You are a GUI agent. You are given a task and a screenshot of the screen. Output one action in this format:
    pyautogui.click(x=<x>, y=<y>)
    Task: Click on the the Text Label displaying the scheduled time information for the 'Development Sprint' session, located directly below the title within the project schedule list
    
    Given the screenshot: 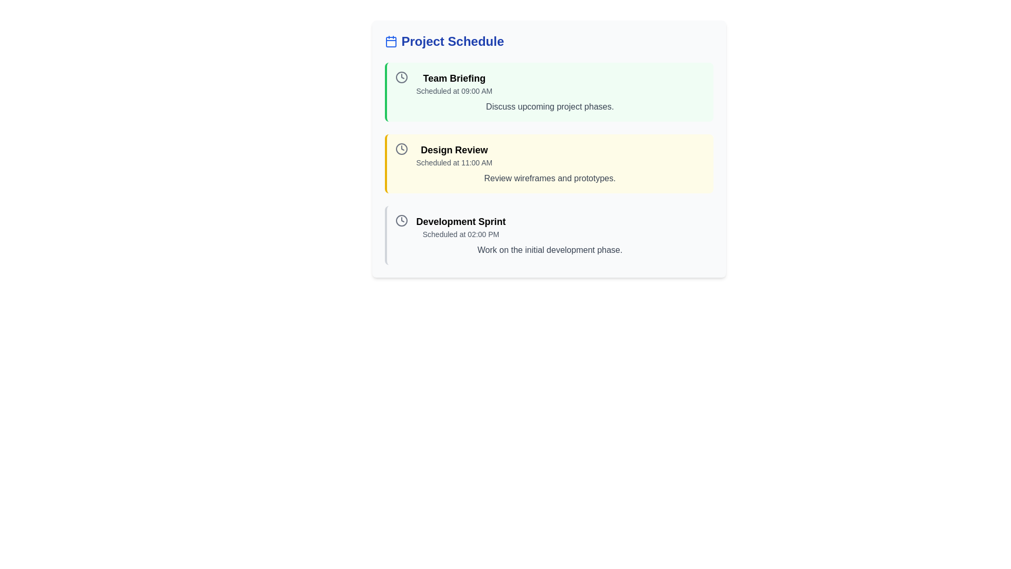 What is the action you would take?
    pyautogui.click(x=461, y=233)
    